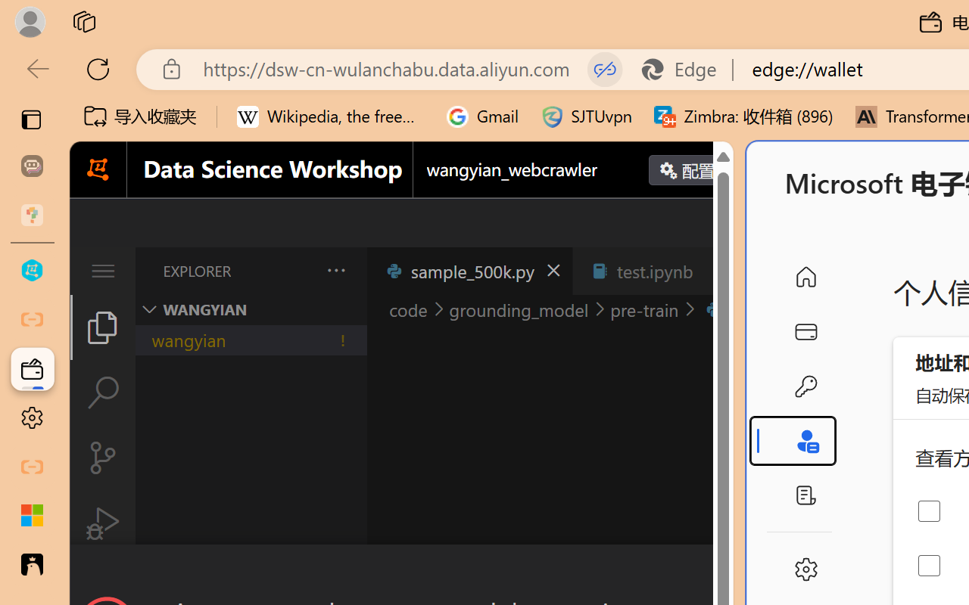 The height and width of the screenshot is (605, 969). I want to click on 'SJTUvpn', so click(585, 116).